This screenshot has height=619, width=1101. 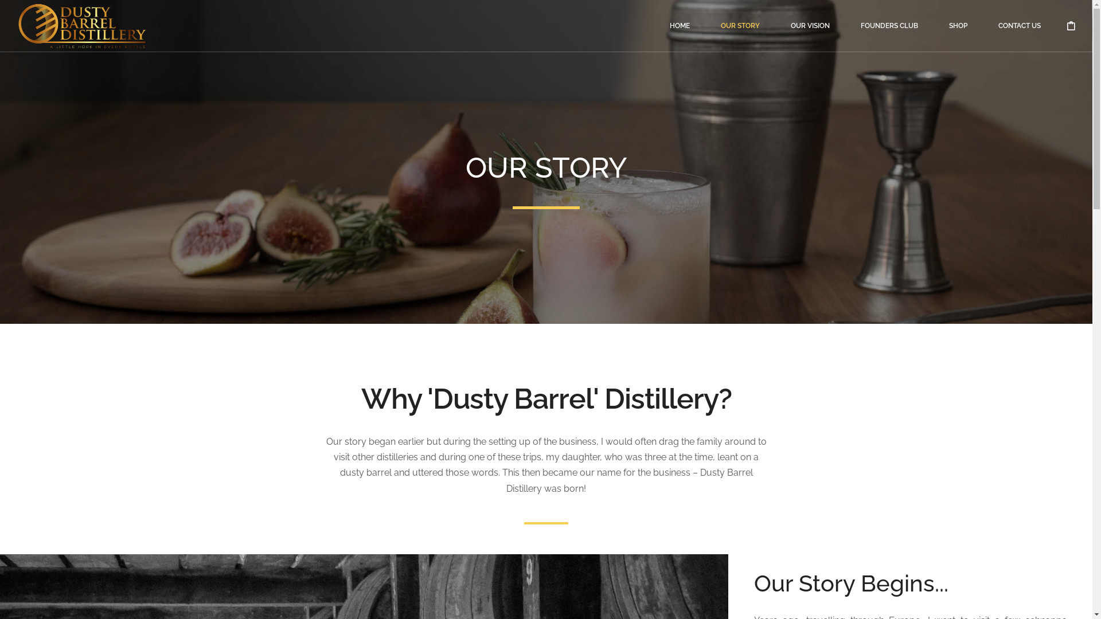 What do you see at coordinates (983, 34) in the screenshot?
I see `'CONTACT US'` at bounding box center [983, 34].